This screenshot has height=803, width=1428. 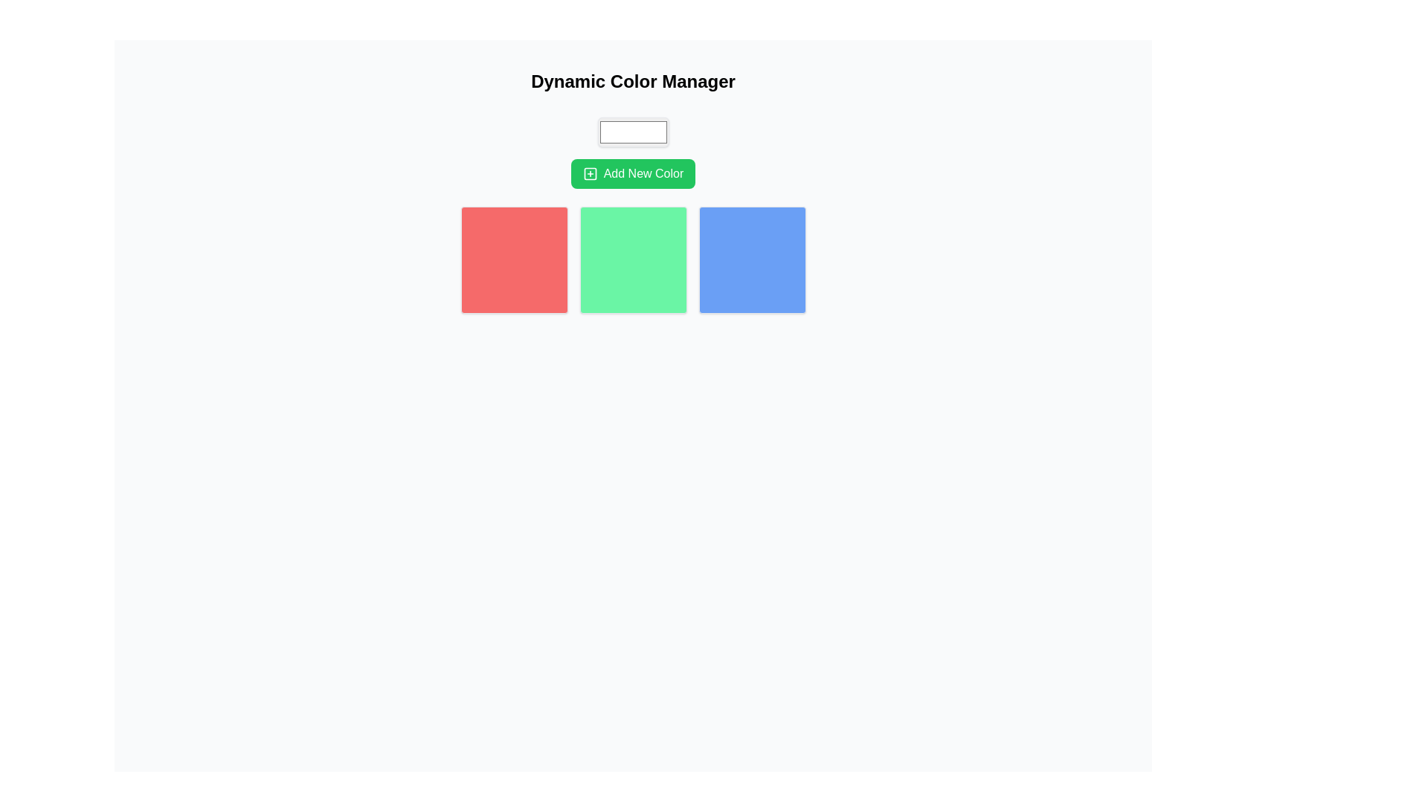 What do you see at coordinates (633, 82) in the screenshot?
I see `the static heading that serves as the title for the color management tool section, which is centrally aligned and positioned above other elements` at bounding box center [633, 82].